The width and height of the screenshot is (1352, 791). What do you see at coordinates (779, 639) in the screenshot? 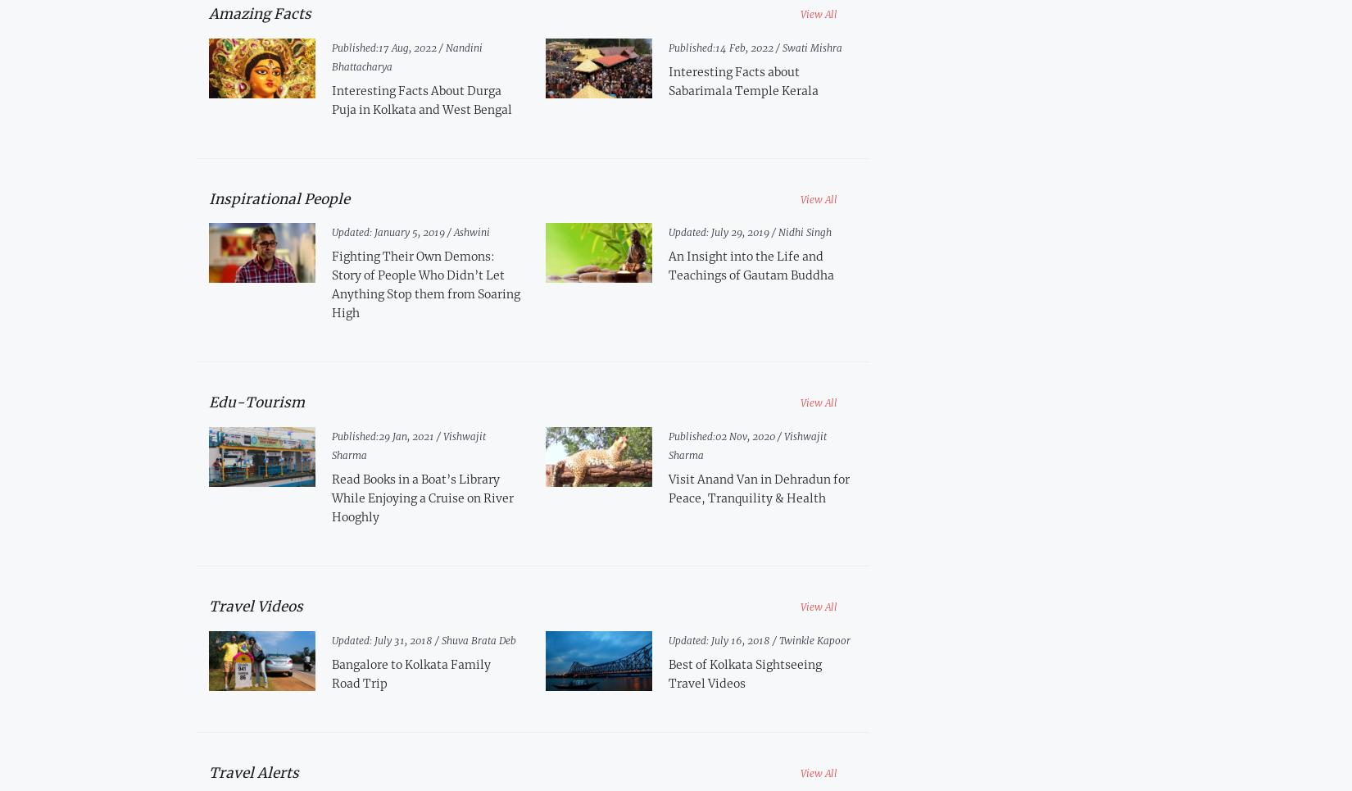
I see `'Twinkle Kapoor'` at bounding box center [779, 639].